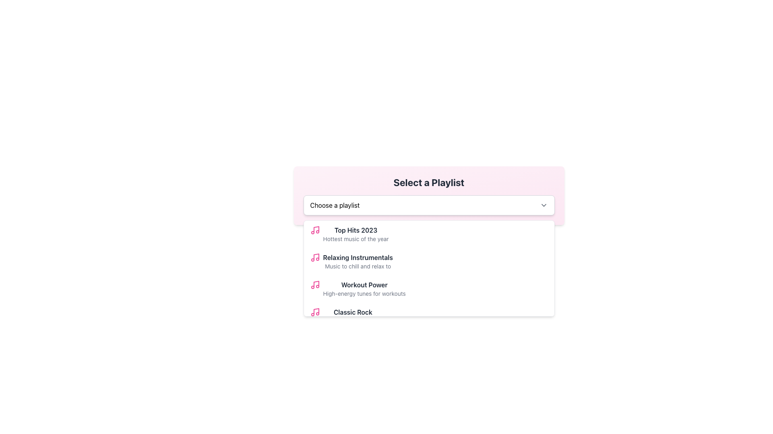 This screenshot has width=773, height=434. What do you see at coordinates (358, 266) in the screenshot?
I see `the text label that provides a brief description or subtitle for the 'Relaxing Instrumentals' playlist` at bounding box center [358, 266].